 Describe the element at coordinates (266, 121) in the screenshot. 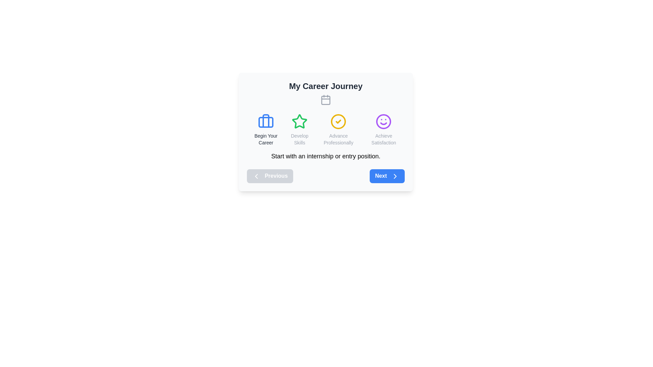

I see `the blue suitcase icon indicating 'Begin Your Career' located in the top-left section of the card titled 'My Career Journey'` at that location.